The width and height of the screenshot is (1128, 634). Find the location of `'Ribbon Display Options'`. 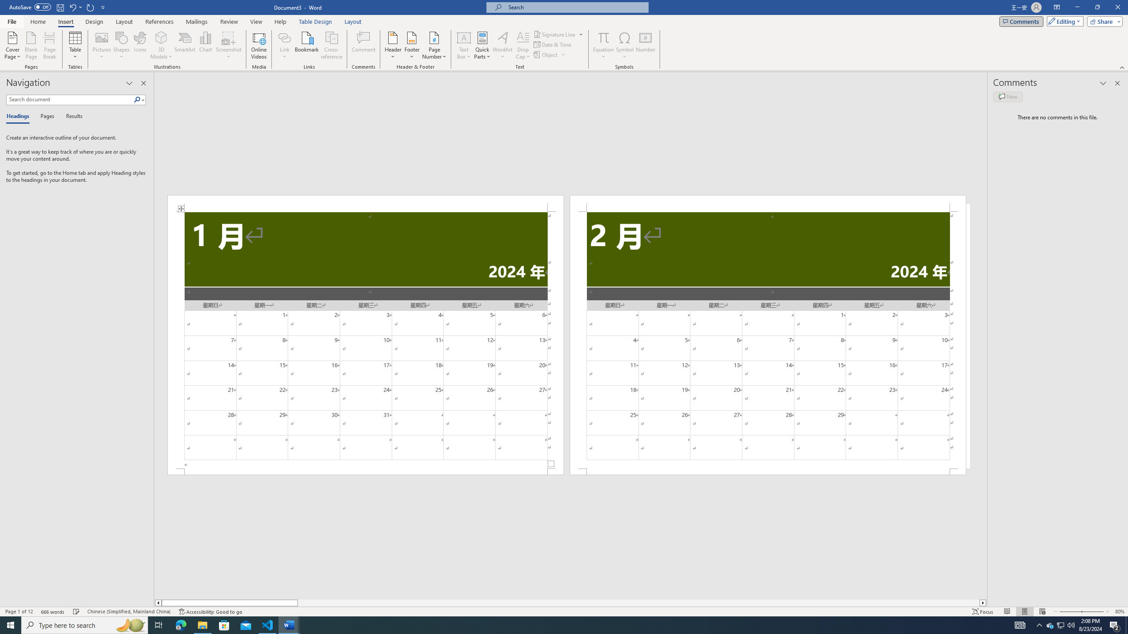

'Ribbon Display Options' is located at coordinates (1056, 7).